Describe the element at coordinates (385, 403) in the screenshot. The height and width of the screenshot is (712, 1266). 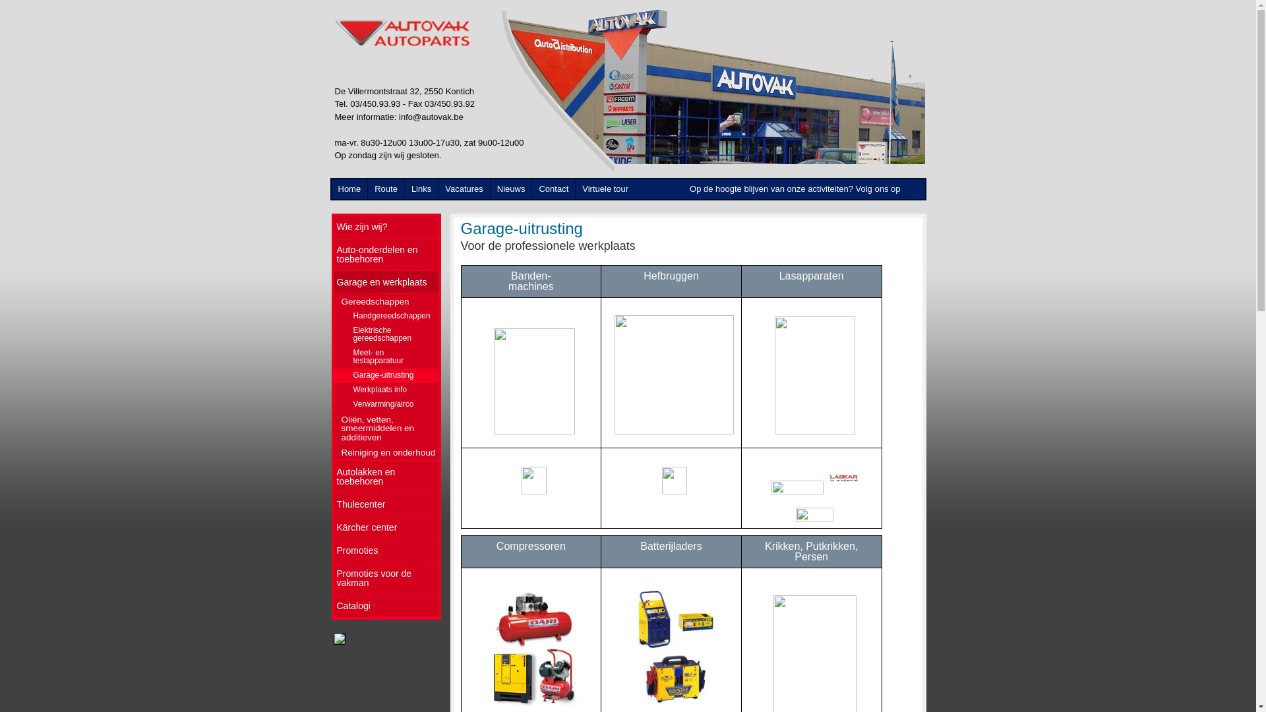
I see `'Verwarming/airco'` at that location.